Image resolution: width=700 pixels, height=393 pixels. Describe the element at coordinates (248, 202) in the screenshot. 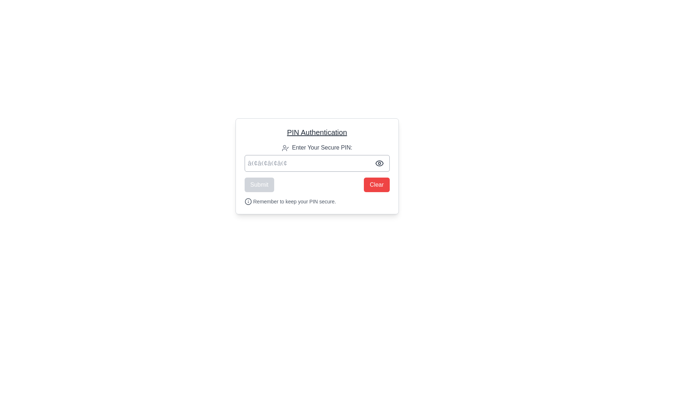

I see `the SVG Circle element that is part of the 'info' icon in the warning message area of the PIN authentication interface` at that location.